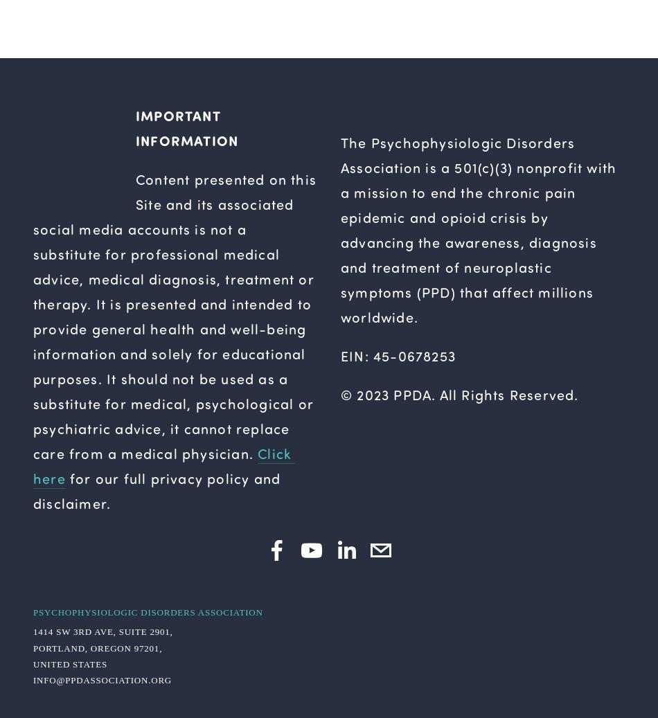 The image size is (658, 718). What do you see at coordinates (33, 490) in the screenshot?
I see `'for our full privacy policy and disclaimer.'` at bounding box center [33, 490].